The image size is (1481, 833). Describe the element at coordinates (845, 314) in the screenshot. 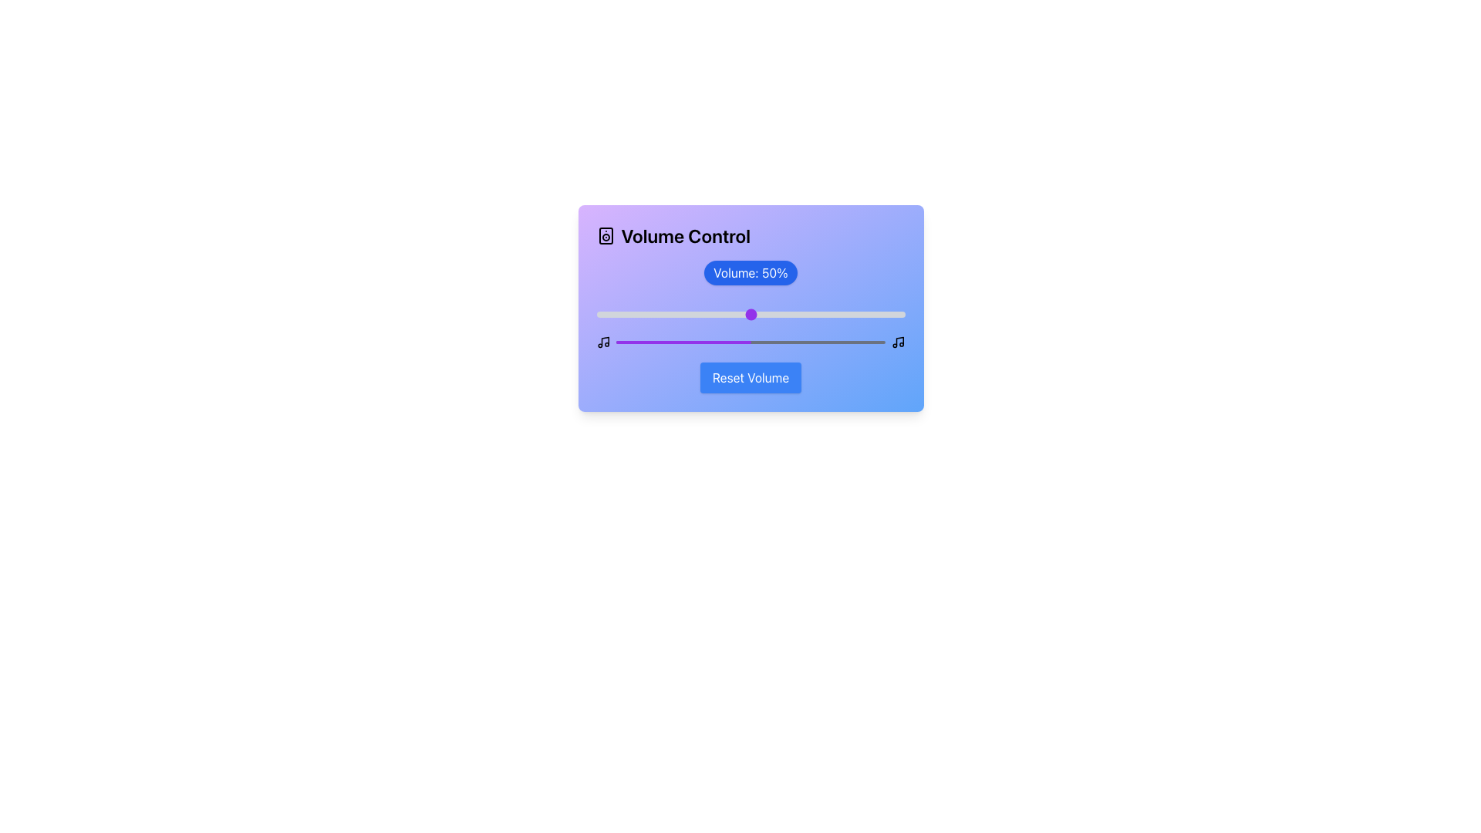

I see `volume` at that location.